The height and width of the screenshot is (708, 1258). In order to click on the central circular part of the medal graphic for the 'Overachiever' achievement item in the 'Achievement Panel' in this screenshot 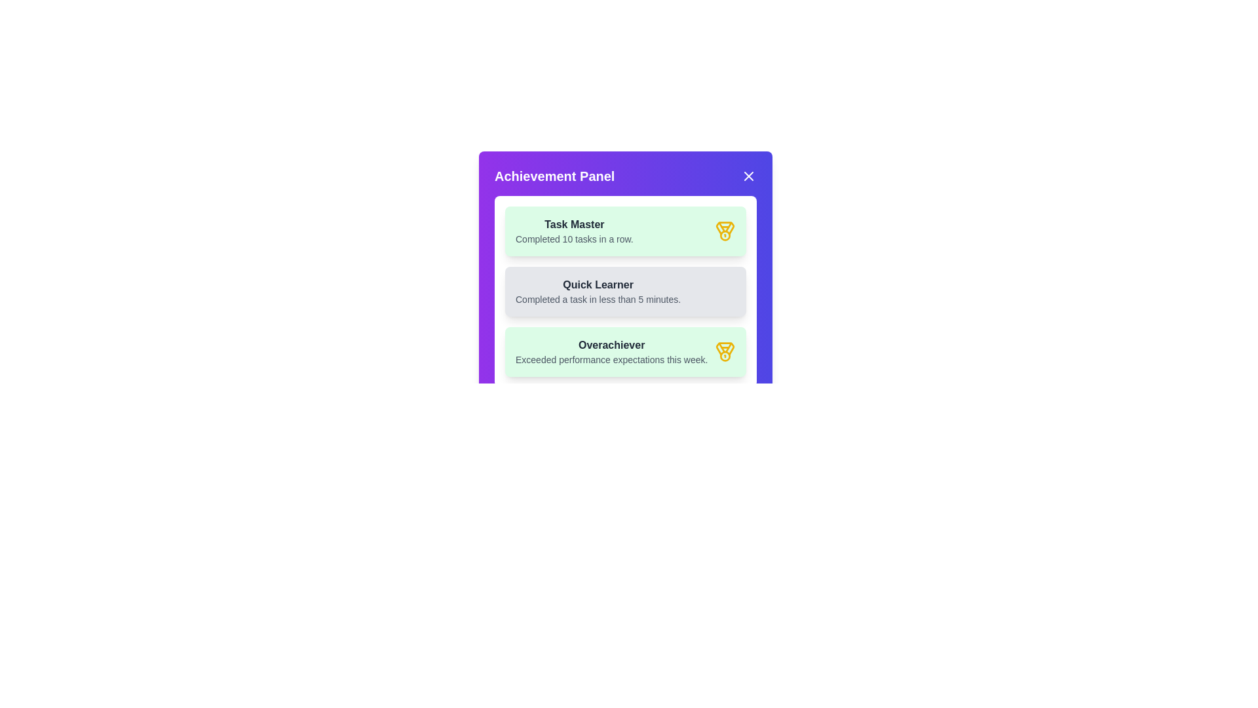, I will do `click(725, 356)`.